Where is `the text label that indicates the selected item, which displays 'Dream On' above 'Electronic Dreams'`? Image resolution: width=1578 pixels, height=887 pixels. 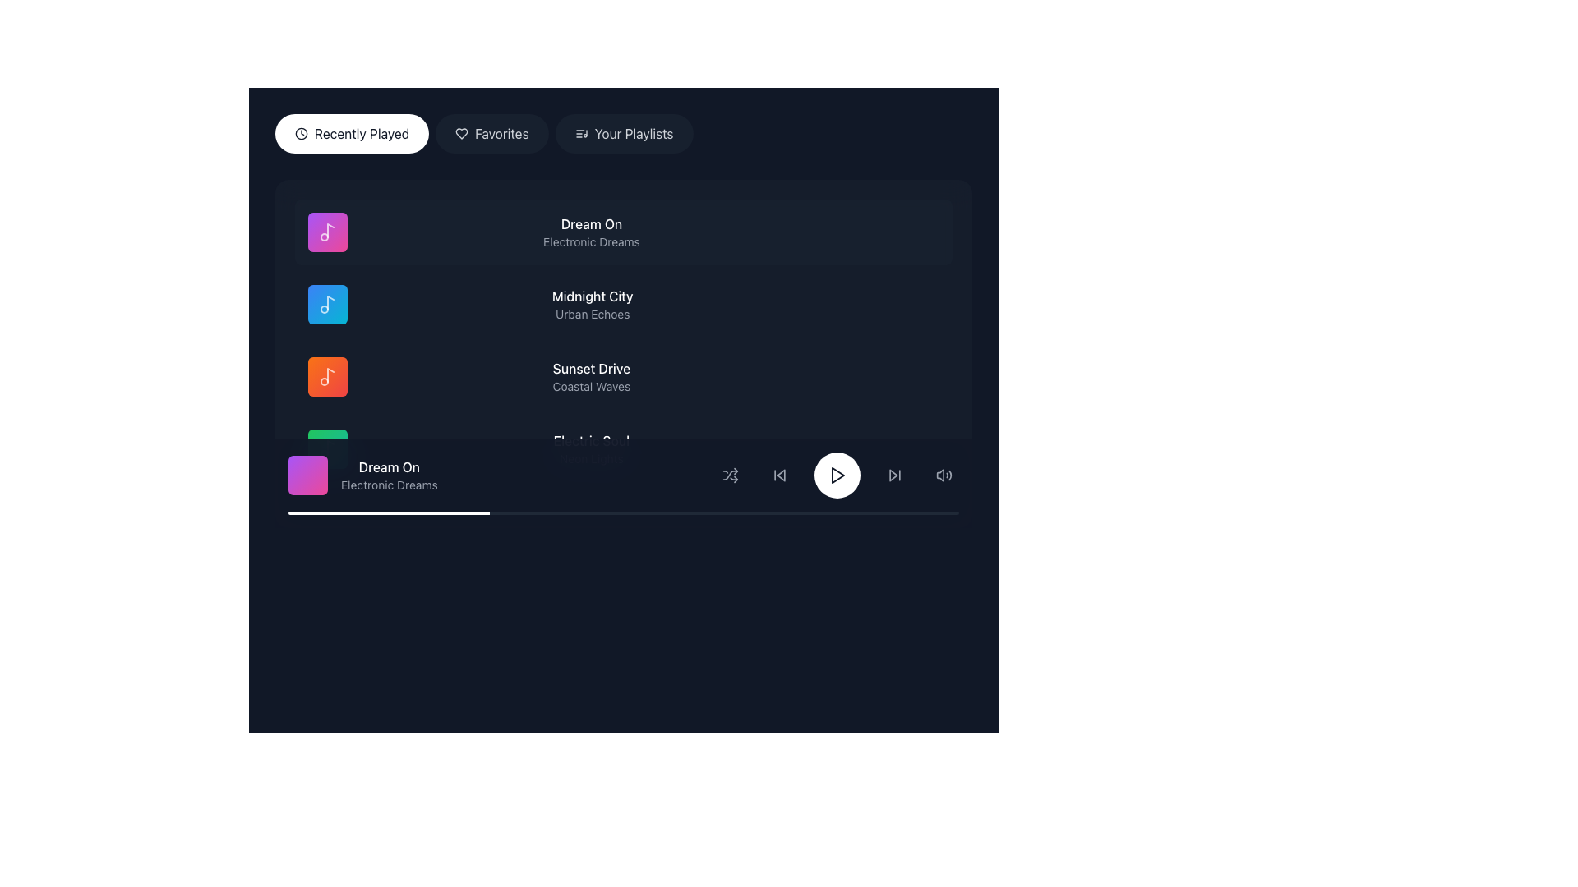
the text label that indicates the selected item, which displays 'Dream On' above 'Electronic Dreams' is located at coordinates (592, 224).